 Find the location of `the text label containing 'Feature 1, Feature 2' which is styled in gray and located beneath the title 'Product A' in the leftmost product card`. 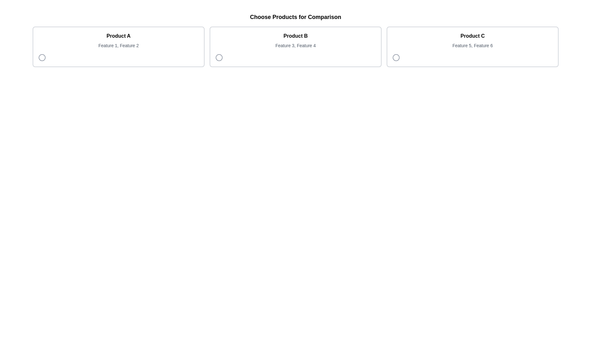

the text label containing 'Feature 1, Feature 2' which is styled in gray and located beneath the title 'Product A' in the leftmost product card is located at coordinates (118, 45).